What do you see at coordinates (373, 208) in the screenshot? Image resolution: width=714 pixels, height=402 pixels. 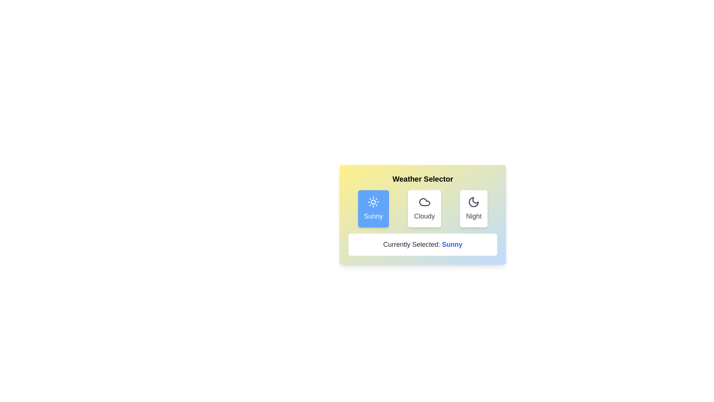 I see `the Sunny button to select the corresponding weather option` at bounding box center [373, 208].